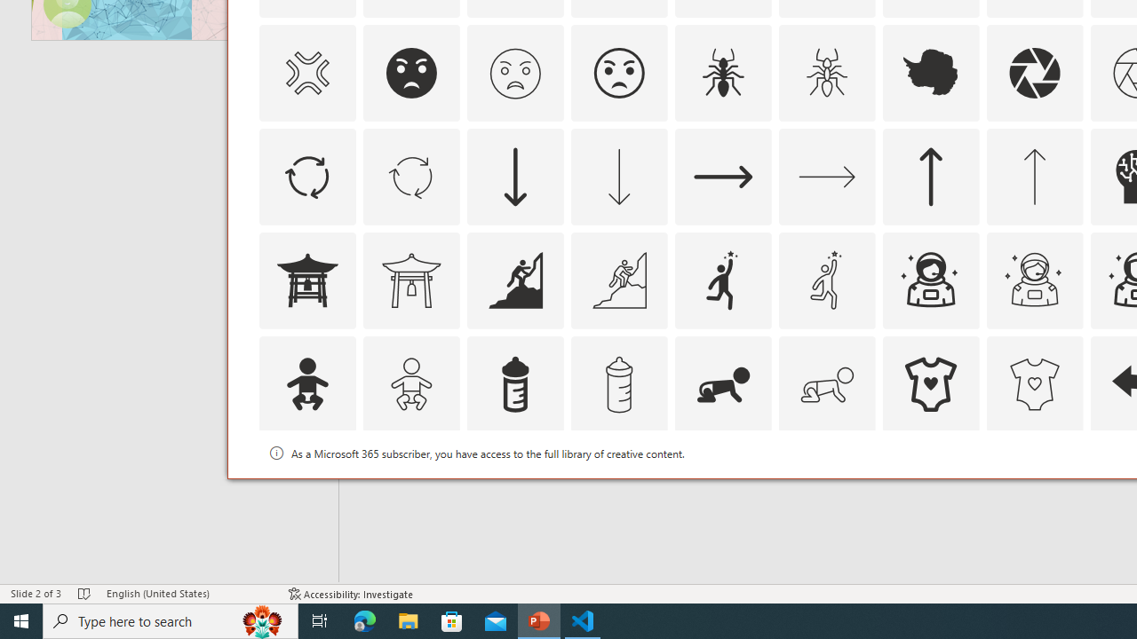 This screenshot has width=1137, height=639. Describe the element at coordinates (364, 619) in the screenshot. I see `'Microsoft Edge'` at that location.